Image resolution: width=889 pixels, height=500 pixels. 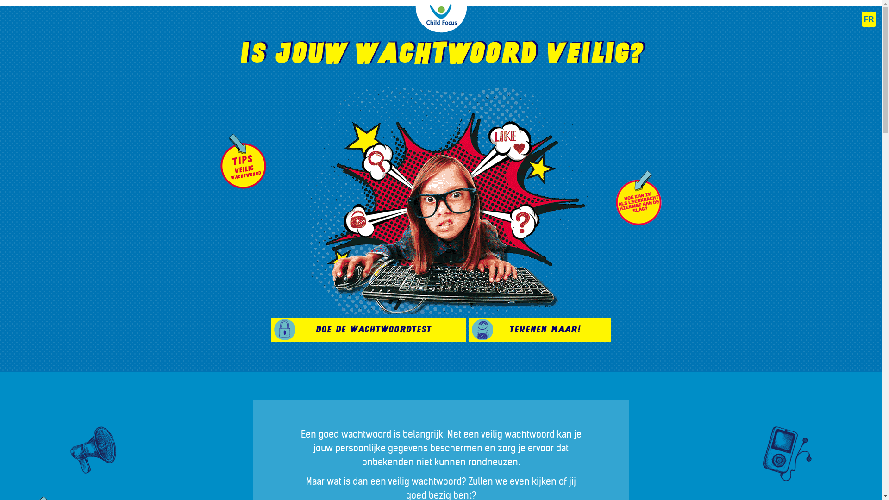 What do you see at coordinates (368, 329) in the screenshot?
I see `'Doe de wachtwoordtest'` at bounding box center [368, 329].